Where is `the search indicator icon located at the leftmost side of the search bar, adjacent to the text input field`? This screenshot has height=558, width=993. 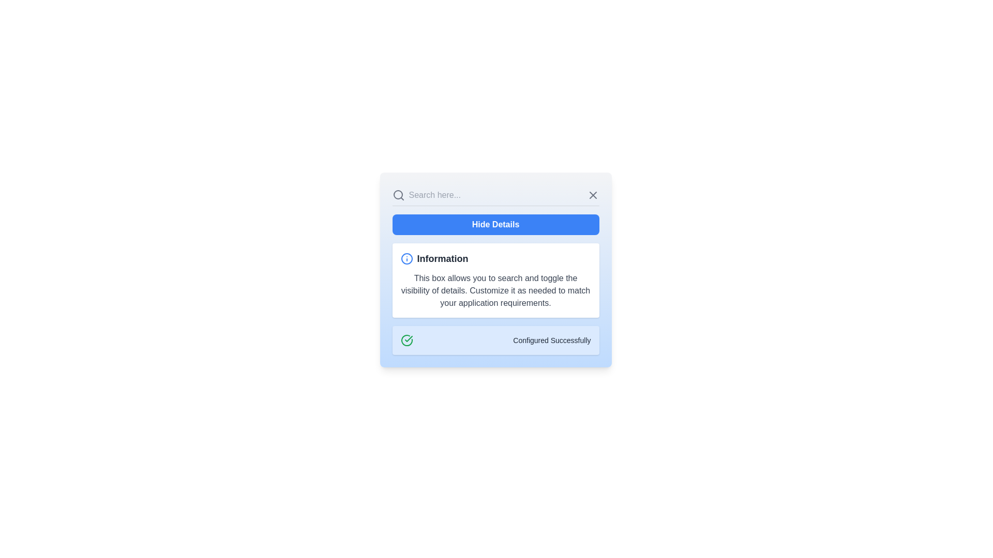 the search indicator icon located at the leftmost side of the search bar, adjacent to the text input field is located at coordinates (398, 195).